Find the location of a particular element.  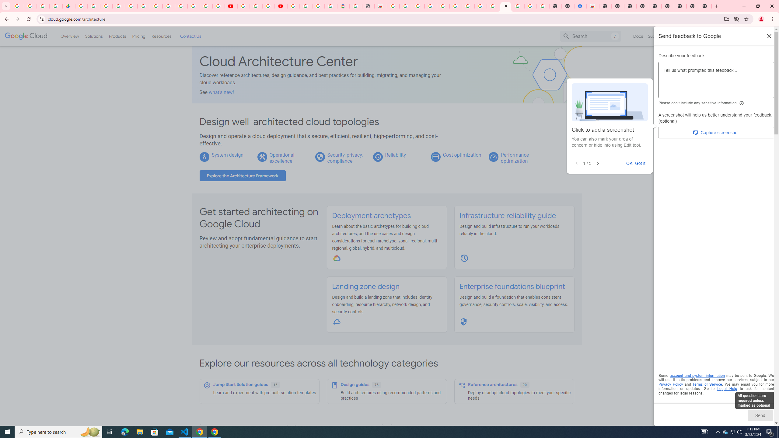

'Opens in a new tab. Terms of Service' is located at coordinates (707, 384).